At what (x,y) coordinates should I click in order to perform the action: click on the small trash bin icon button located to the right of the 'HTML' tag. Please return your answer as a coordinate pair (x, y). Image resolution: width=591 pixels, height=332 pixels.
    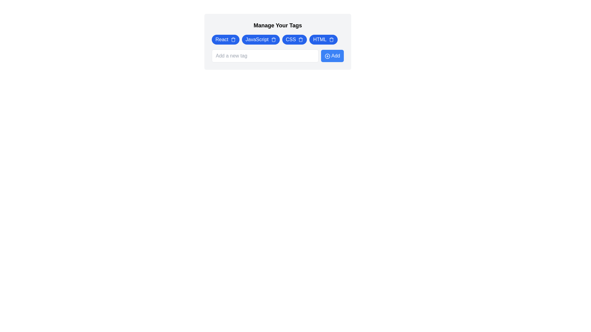
    Looking at the image, I should click on (331, 39).